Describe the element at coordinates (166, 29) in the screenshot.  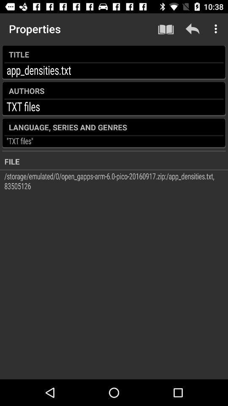
I see `the app next to properties icon` at that location.